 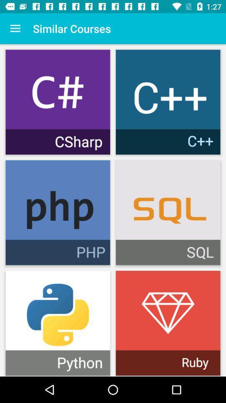 I want to click on the icon to the left of the similar courses item, so click(x=15, y=29).